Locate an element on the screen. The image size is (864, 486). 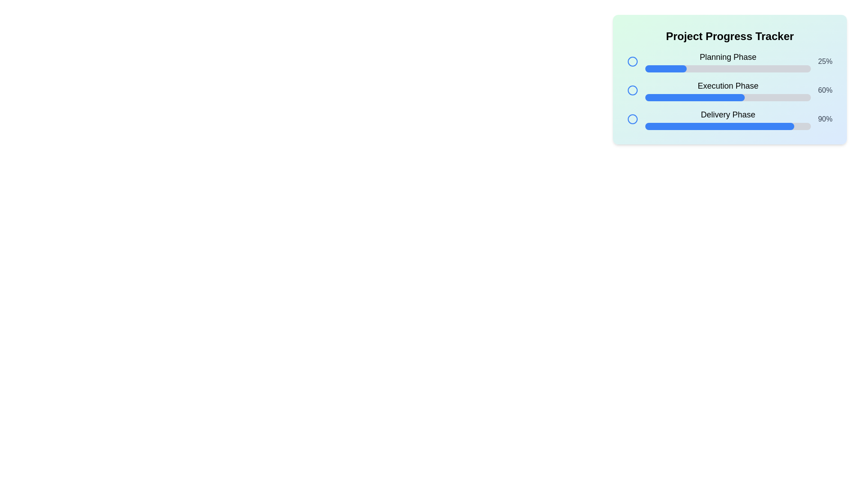
information displayed in the list entry labeled 'Planning Phase', which includes a progress bar indicating 25% completion and a circular icon to the left is located at coordinates (728, 61).